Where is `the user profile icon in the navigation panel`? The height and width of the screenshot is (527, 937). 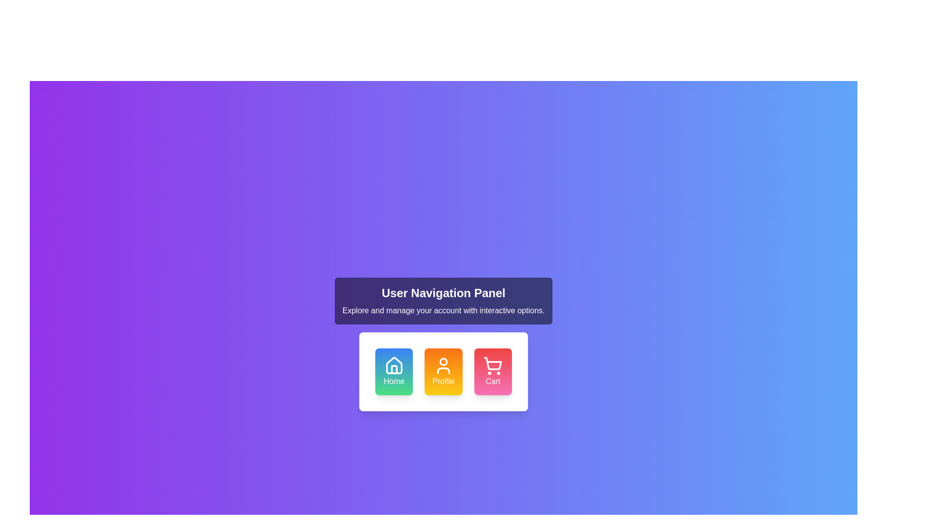
the user profile icon in the navigation panel is located at coordinates (443, 362).